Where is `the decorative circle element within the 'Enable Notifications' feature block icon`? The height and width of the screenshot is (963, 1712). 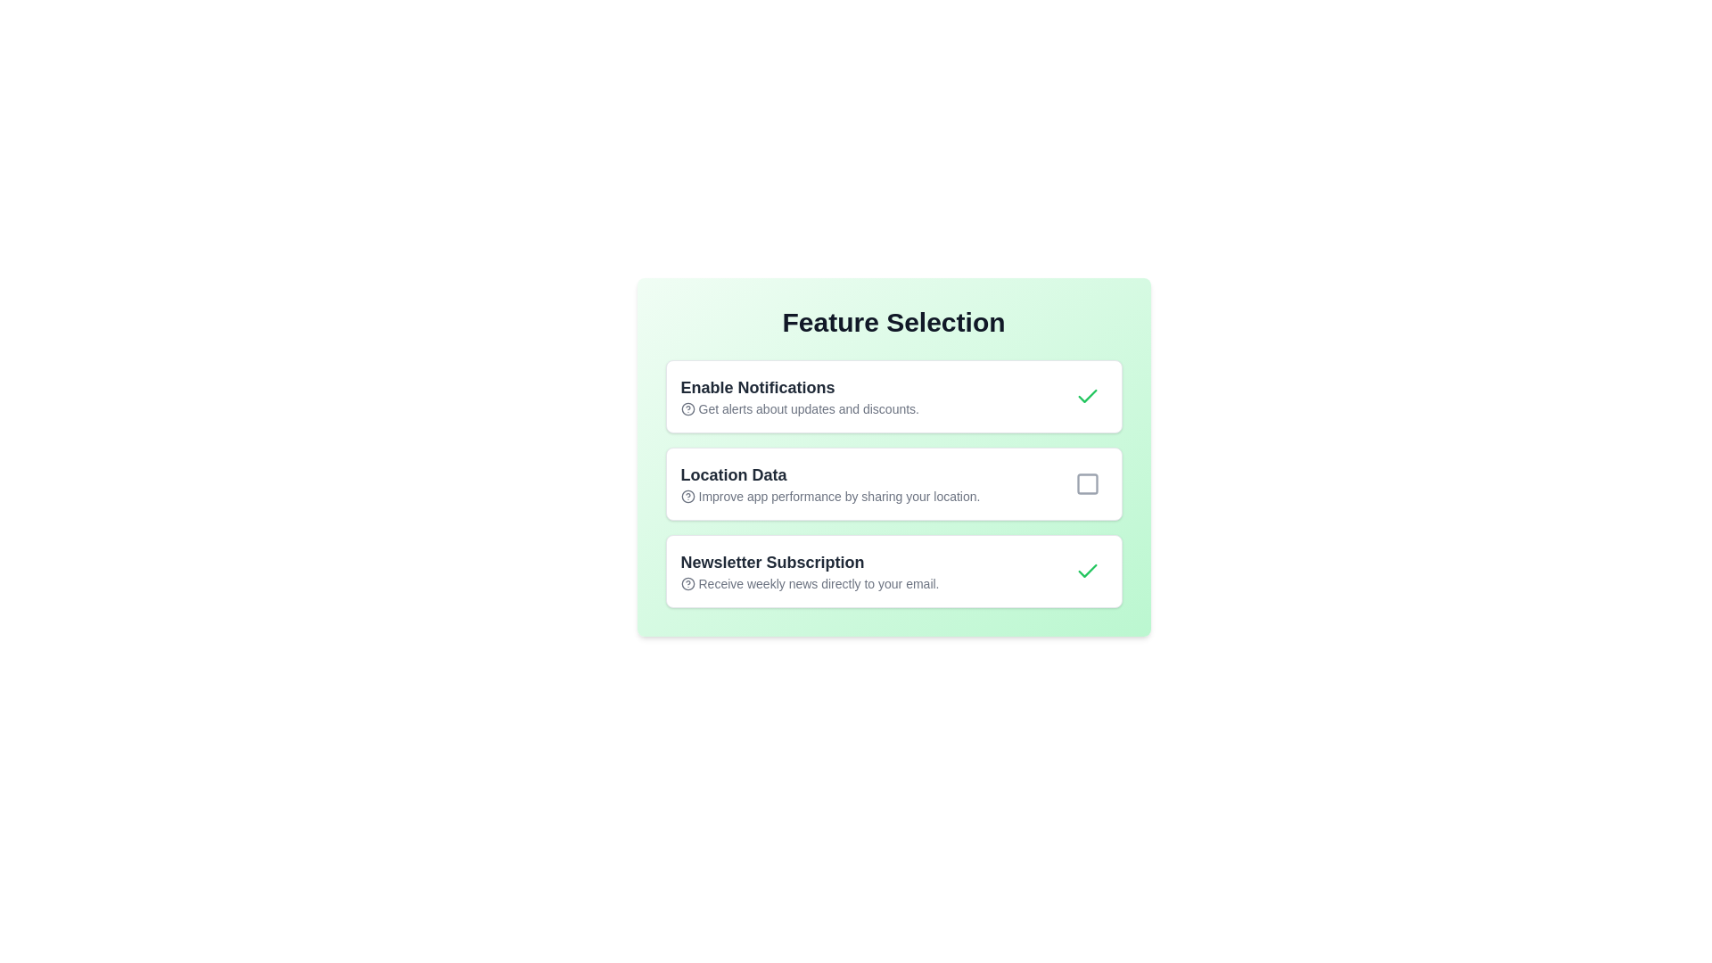
the decorative circle element within the 'Enable Notifications' feature block icon is located at coordinates (687, 409).